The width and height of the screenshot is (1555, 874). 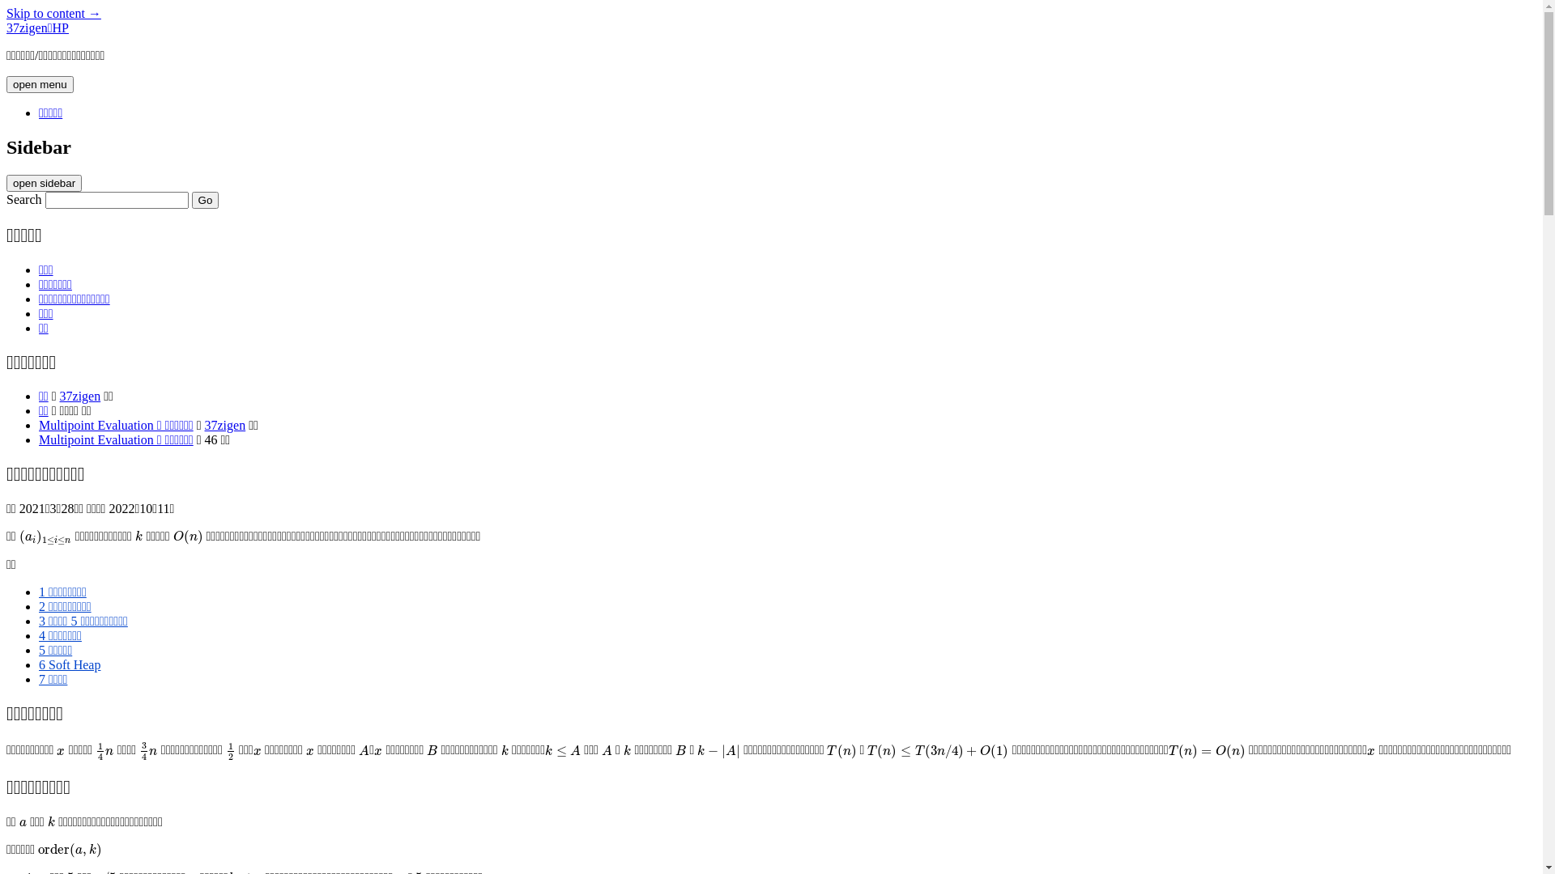 I want to click on 'Go', so click(x=205, y=199).